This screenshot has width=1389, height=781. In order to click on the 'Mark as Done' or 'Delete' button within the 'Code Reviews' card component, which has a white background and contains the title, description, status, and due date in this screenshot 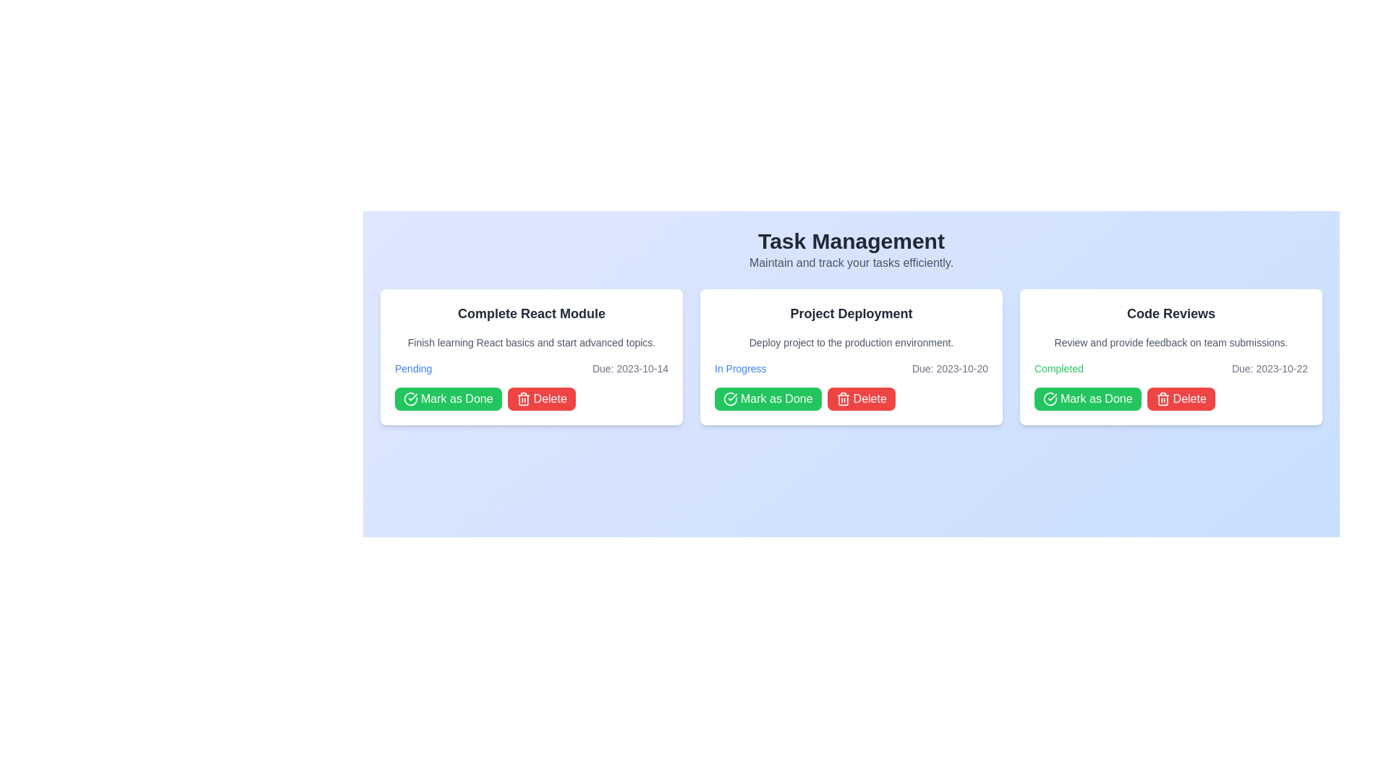, I will do `click(1171, 357)`.